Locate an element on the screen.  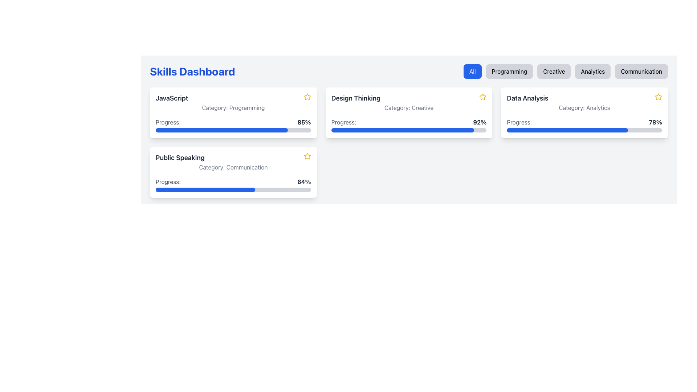
details about the Design Thinking skill displayed in the Card element located in the second column of the grid layout, positioned between the 'JavaScript' and 'Data Analysis' cards is located at coordinates (409, 113).